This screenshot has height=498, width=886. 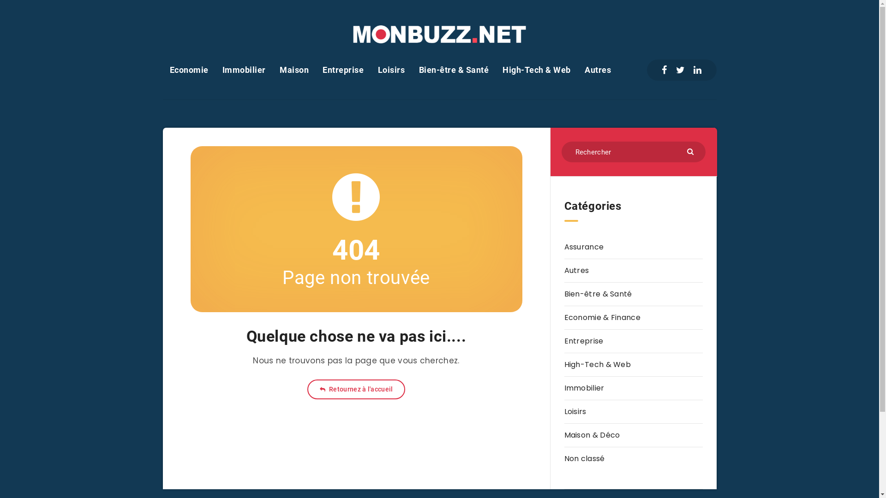 What do you see at coordinates (597, 364) in the screenshot?
I see `'High-Tech & Web'` at bounding box center [597, 364].